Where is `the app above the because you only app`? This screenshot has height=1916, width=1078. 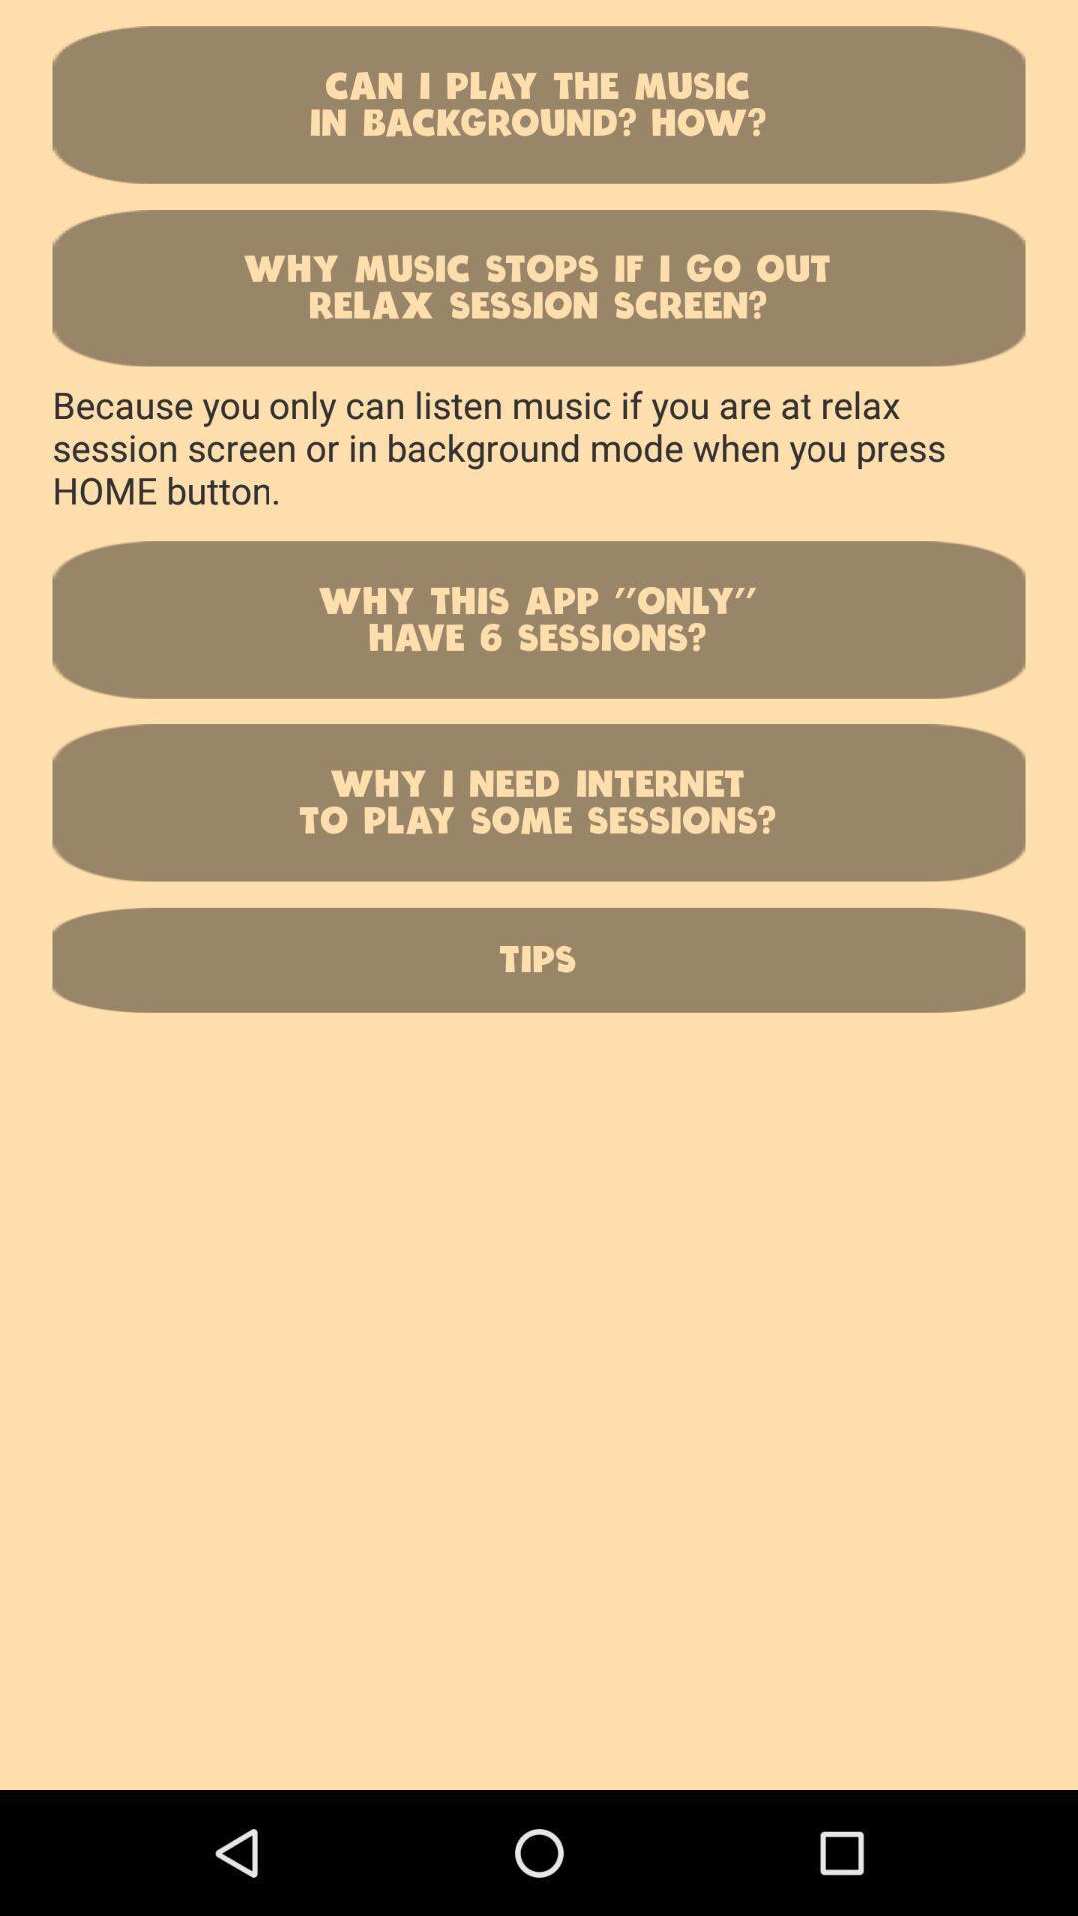
the app above the because you only app is located at coordinates (539, 286).